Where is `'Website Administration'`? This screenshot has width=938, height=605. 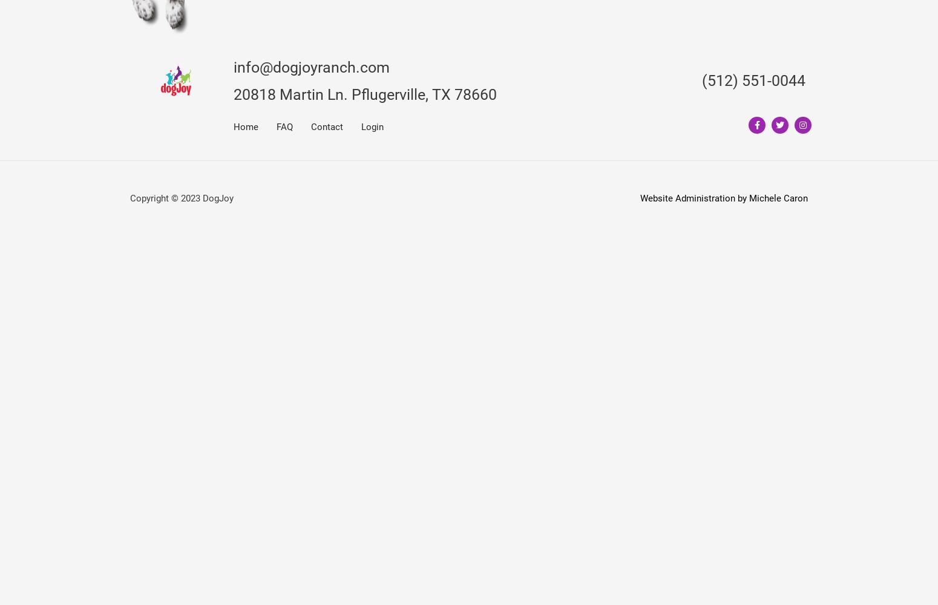 'Website Administration' is located at coordinates (687, 197).